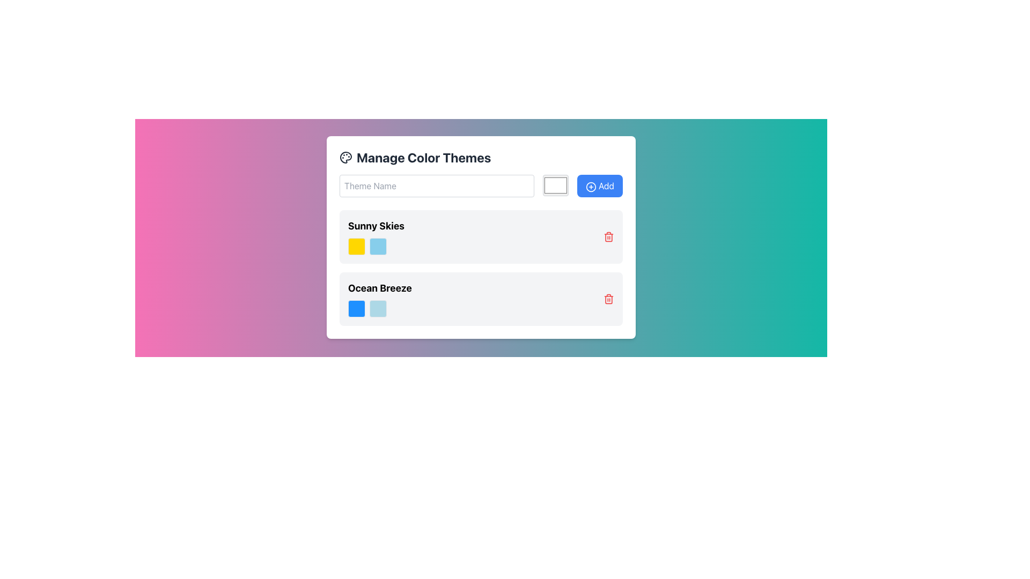 The image size is (1030, 579). Describe the element at coordinates (590, 186) in the screenshot. I see `the 'Add' icon located at the center of the blue 'Add' button in the top-right section of the card to initiate the add functionality` at that location.